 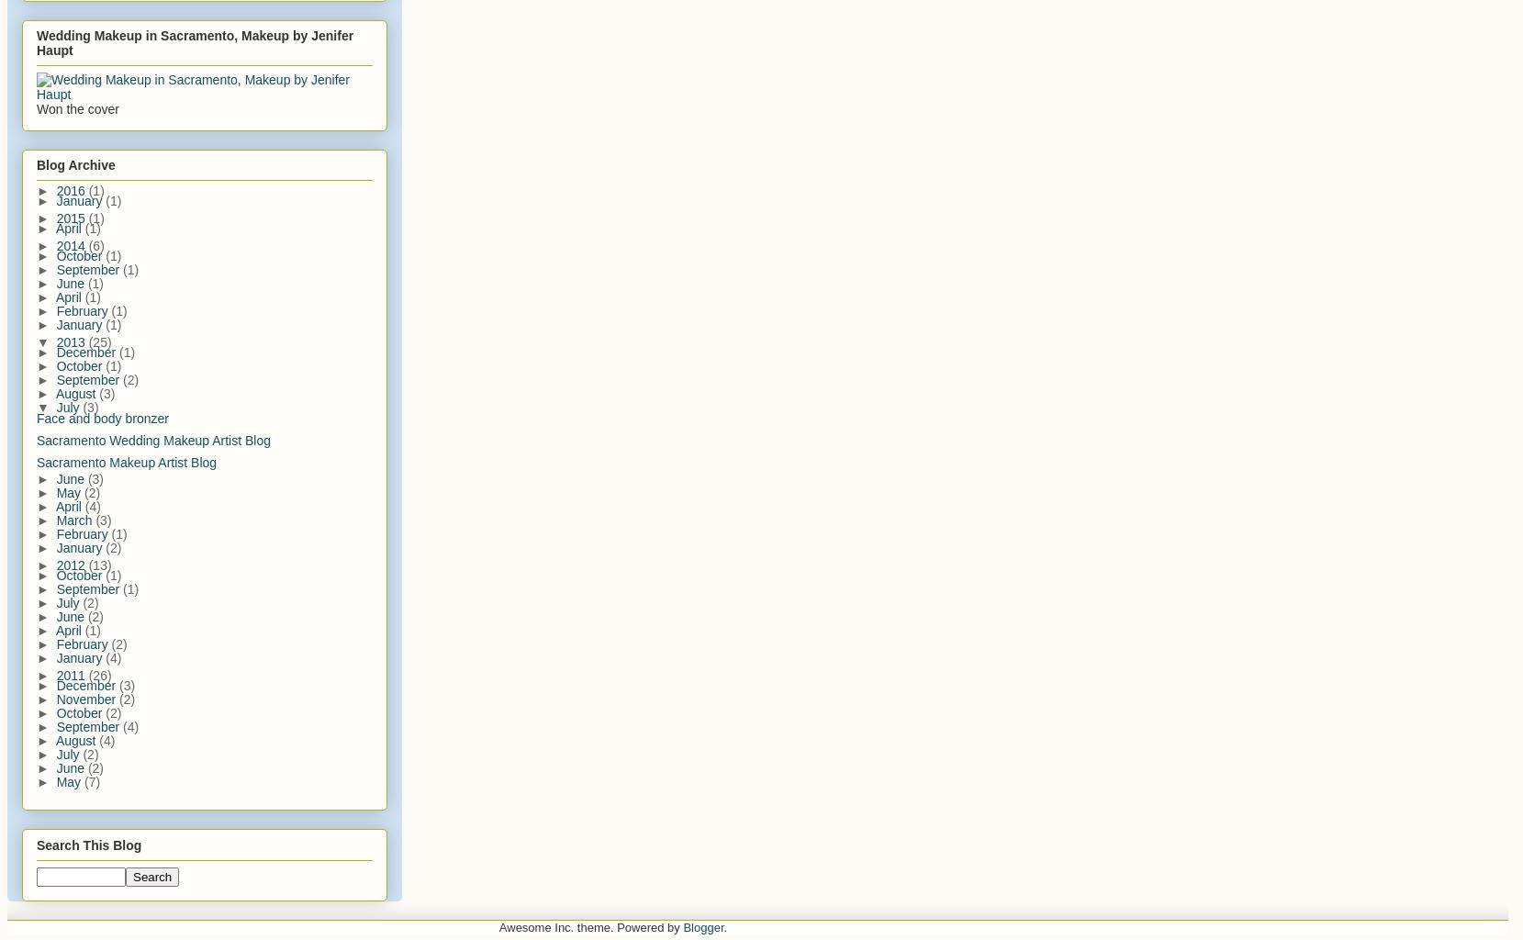 What do you see at coordinates (95, 244) in the screenshot?
I see `'(6)'` at bounding box center [95, 244].